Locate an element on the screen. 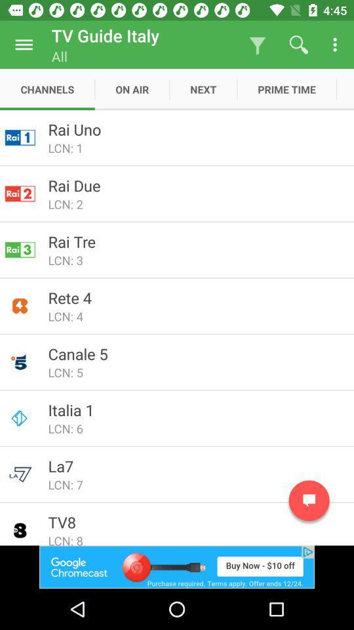  the chat icon is located at coordinates (309, 500).